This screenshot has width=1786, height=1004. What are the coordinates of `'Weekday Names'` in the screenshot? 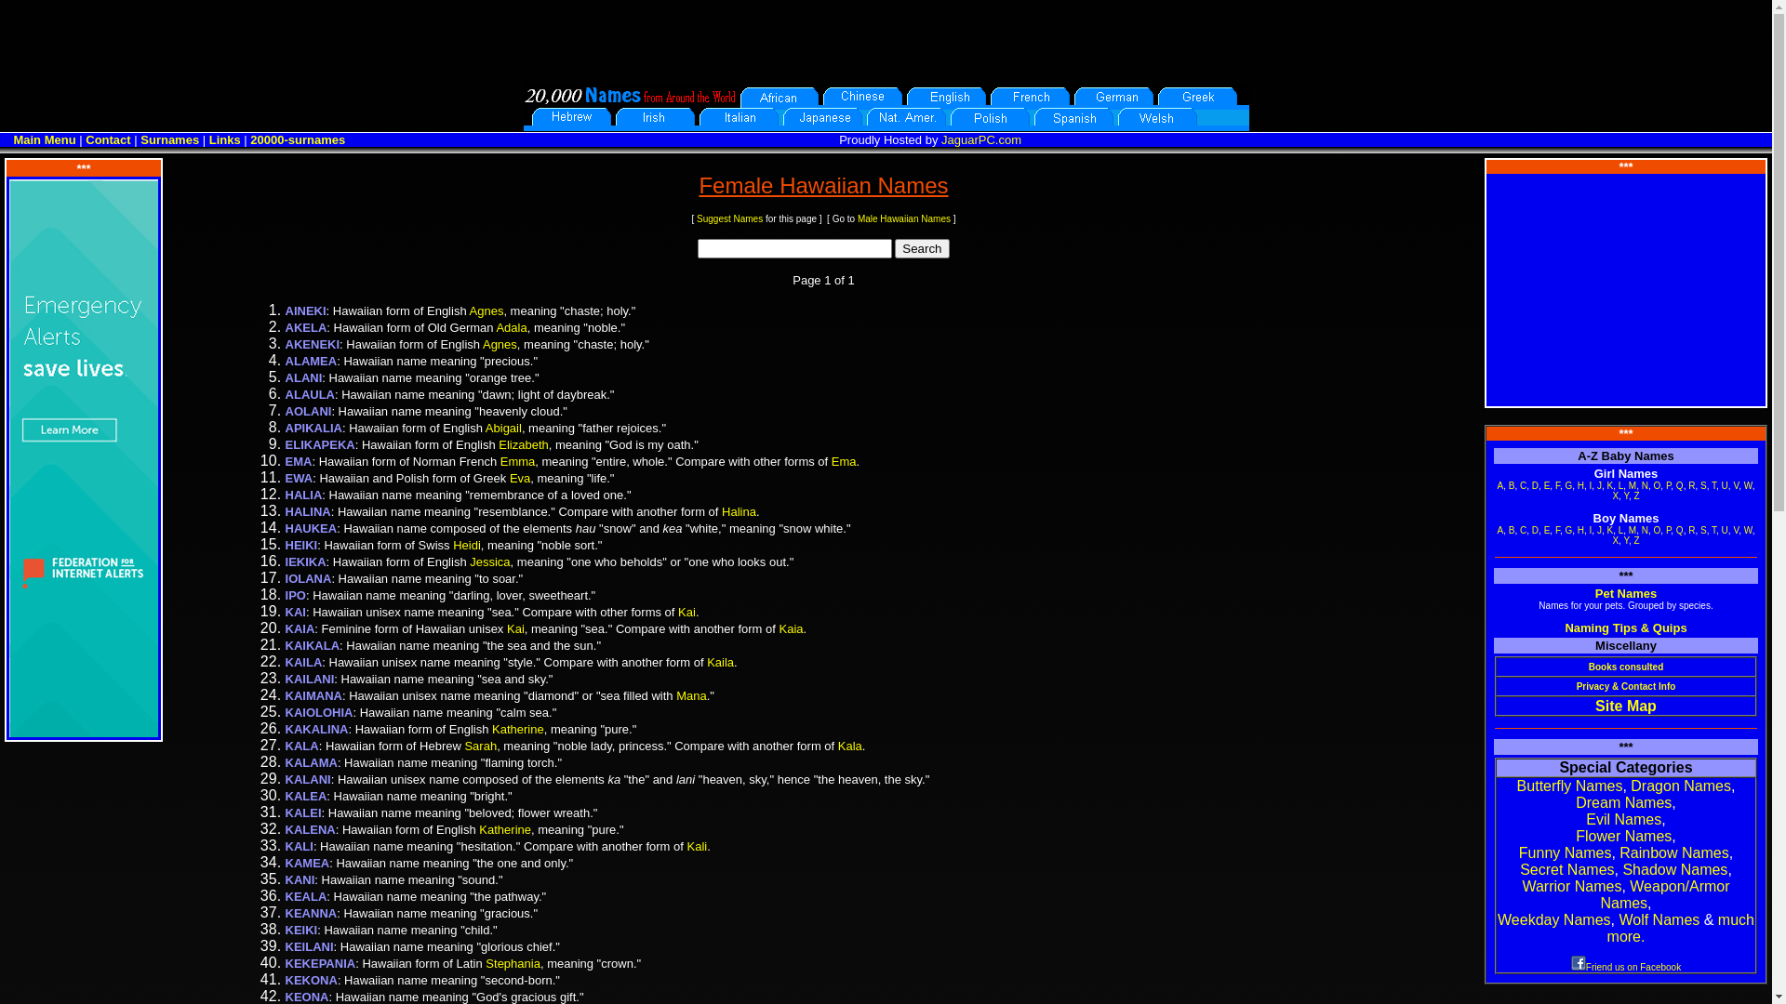 It's located at (1553, 918).